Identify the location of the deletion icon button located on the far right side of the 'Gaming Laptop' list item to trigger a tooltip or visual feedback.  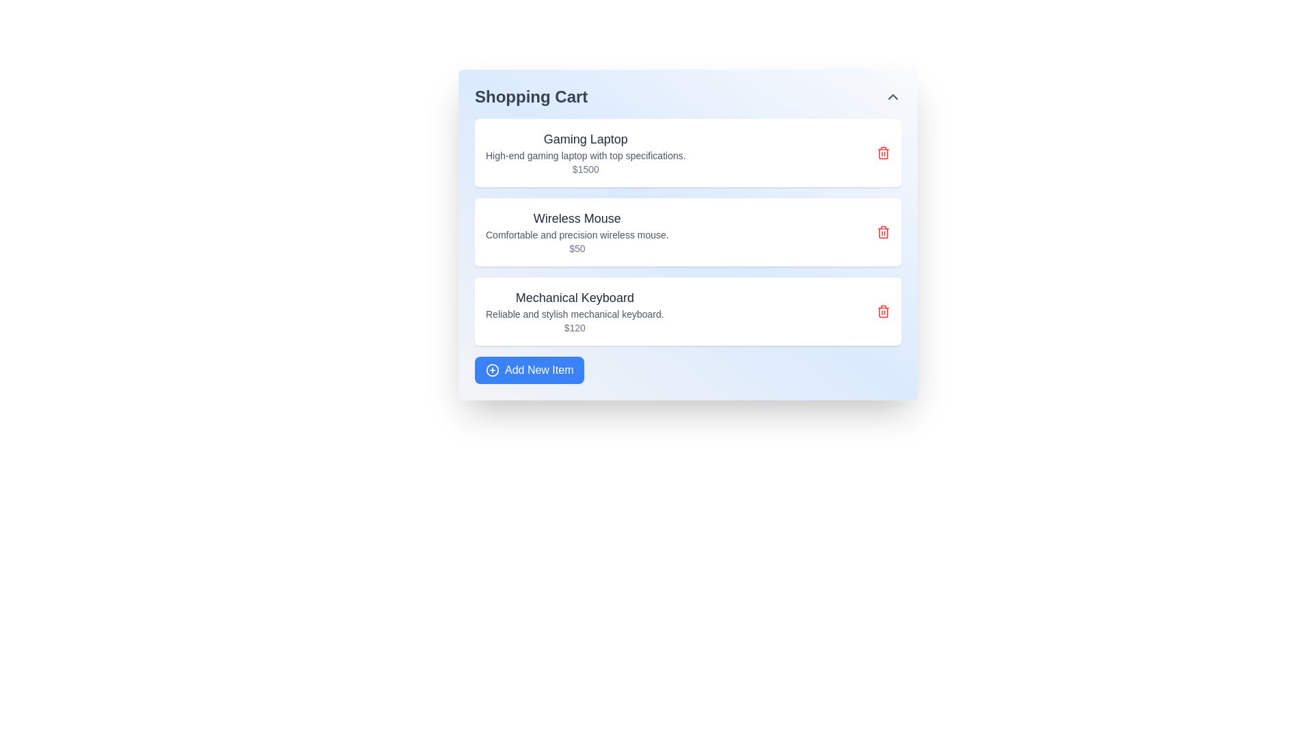
(883, 152).